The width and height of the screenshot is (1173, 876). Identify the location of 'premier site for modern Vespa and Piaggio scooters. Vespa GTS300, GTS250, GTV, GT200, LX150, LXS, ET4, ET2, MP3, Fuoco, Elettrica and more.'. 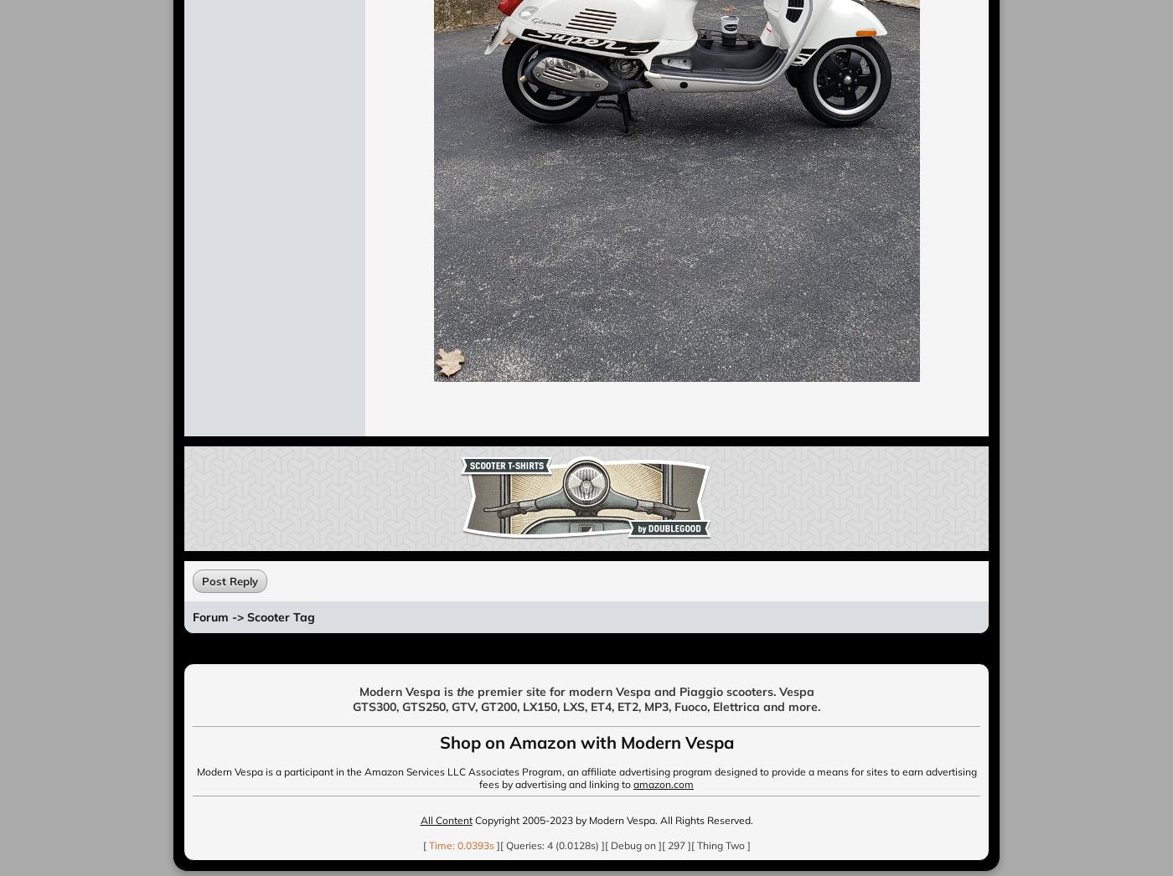
(352, 699).